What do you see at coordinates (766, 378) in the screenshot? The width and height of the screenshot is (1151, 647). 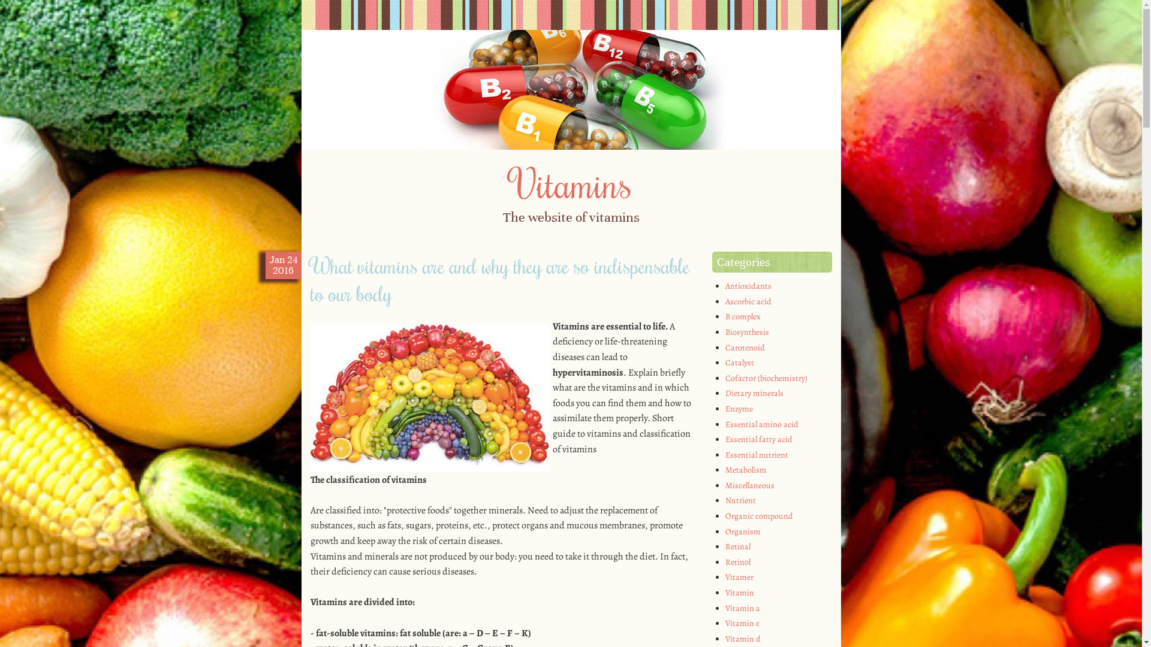 I see `'Cofactor (biochemistry)'` at bounding box center [766, 378].